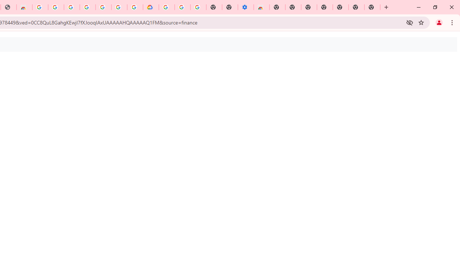  Describe the element at coordinates (183, 7) in the screenshot. I see `'Google Account Help'` at that location.